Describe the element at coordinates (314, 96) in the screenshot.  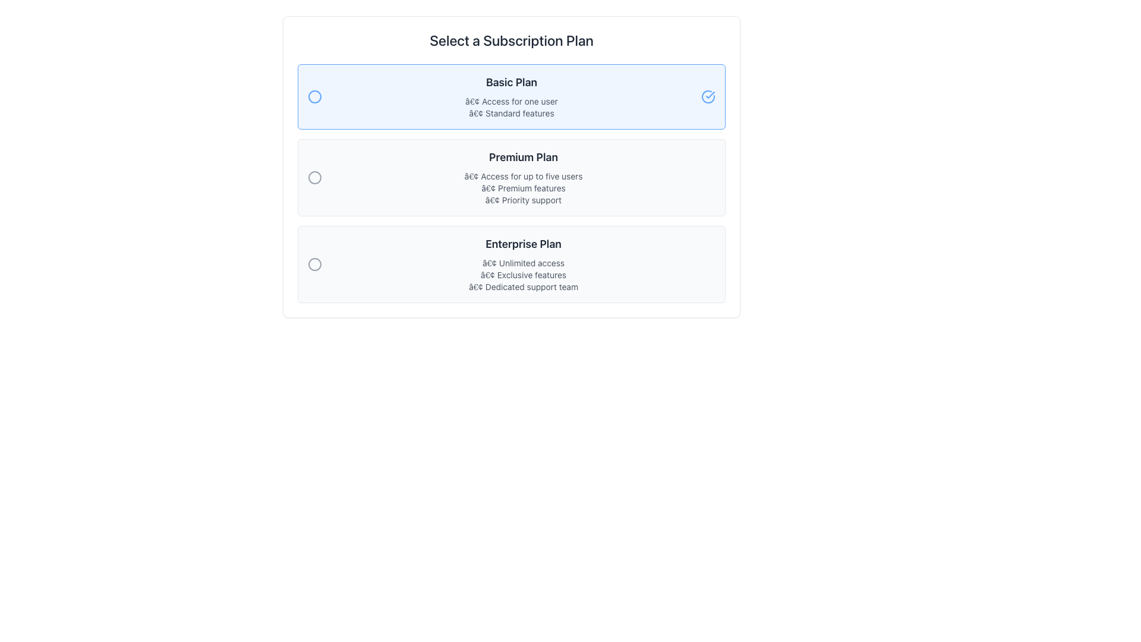
I see `the circular radio button for the 'Basic Plan'` at that location.